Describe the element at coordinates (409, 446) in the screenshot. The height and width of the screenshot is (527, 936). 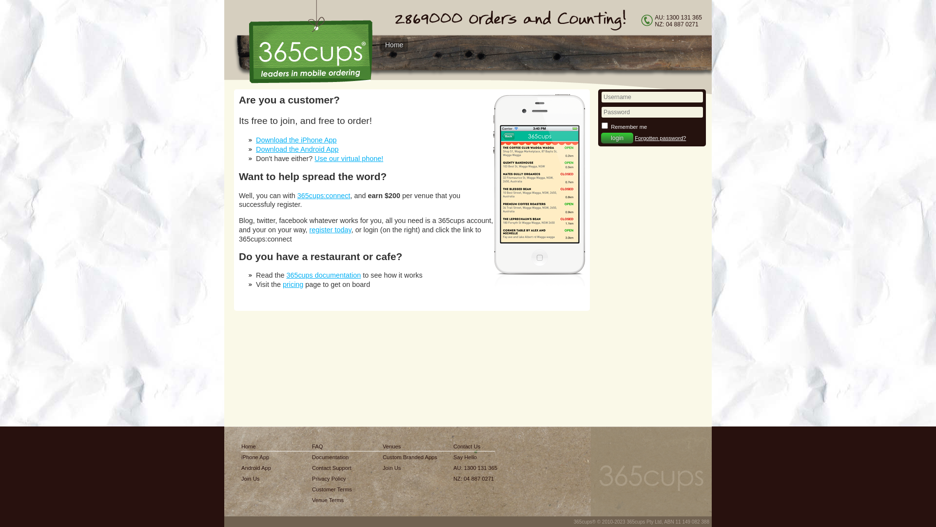
I see `'Venues'` at that location.